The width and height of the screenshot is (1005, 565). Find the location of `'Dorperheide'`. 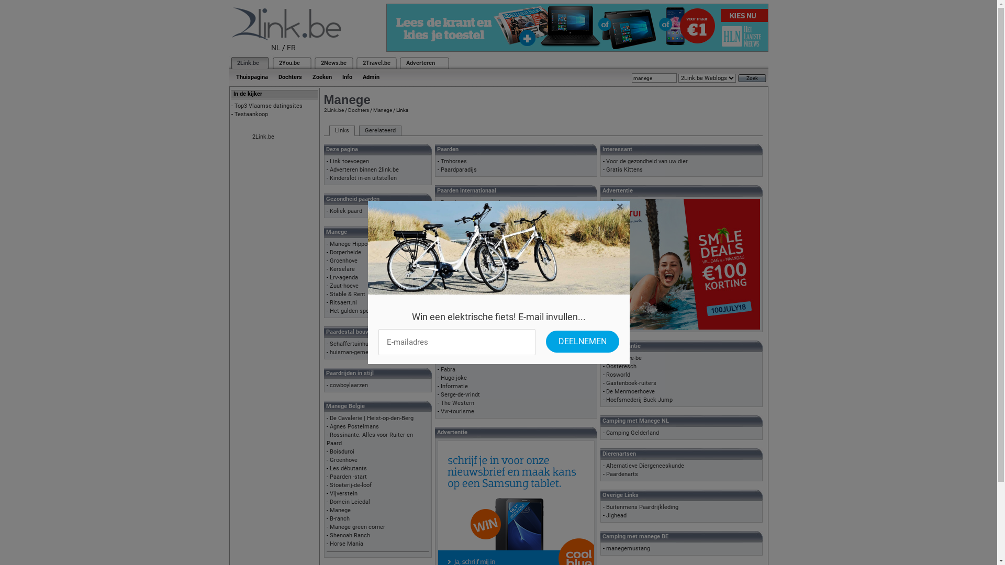

'Dorperheide' is located at coordinates (329, 252).